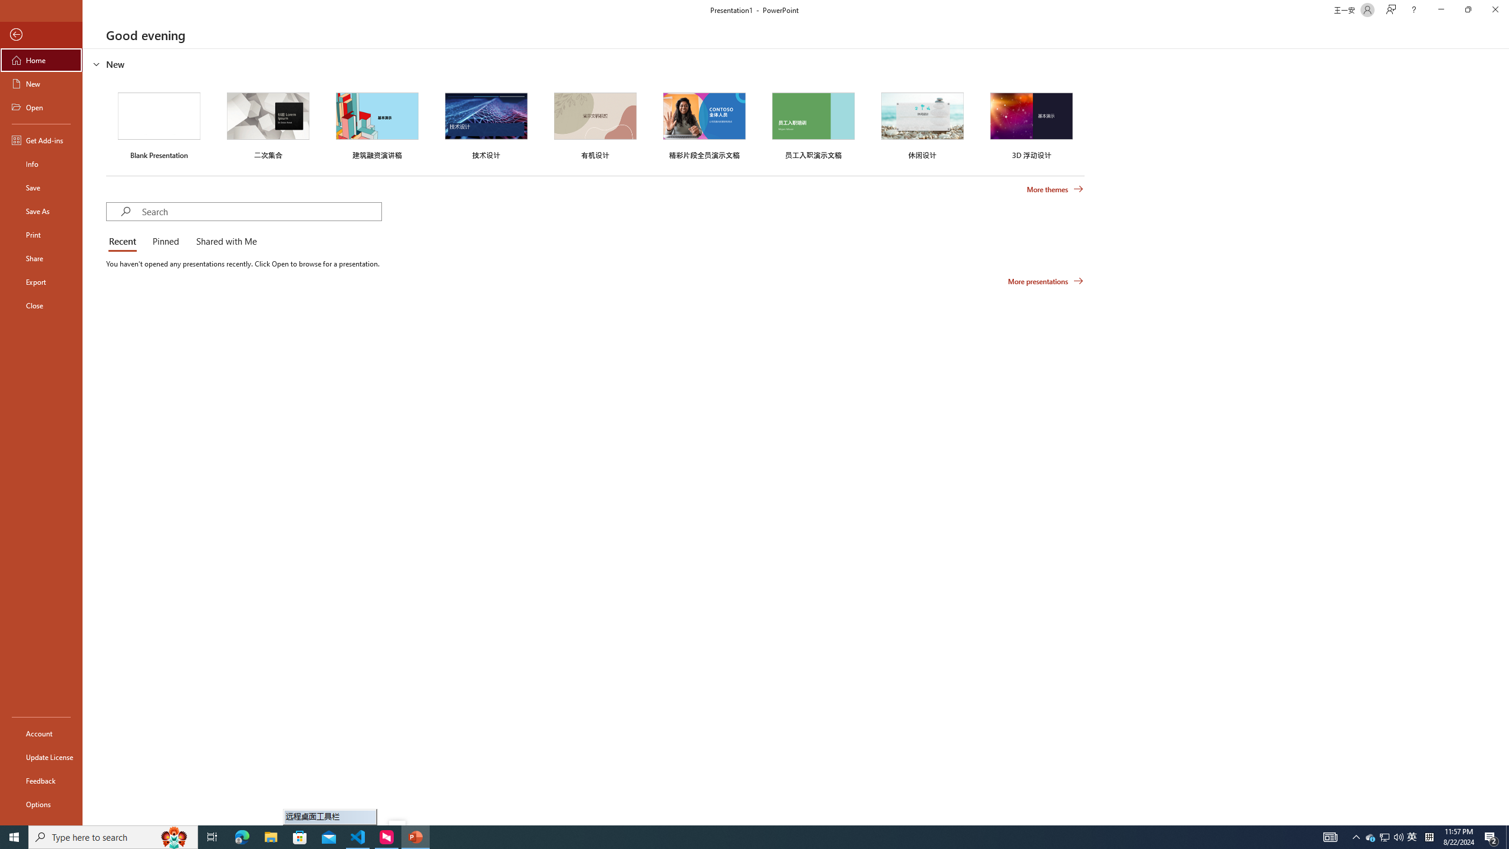  What do you see at coordinates (159, 124) in the screenshot?
I see `'Blank Presentation'` at bounding box center [159, 124].